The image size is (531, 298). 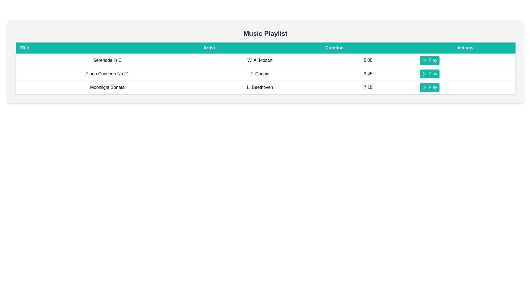 I want to click on the second row in the music playlist table to perform actions on the track entry, so click(x=265, y=73).